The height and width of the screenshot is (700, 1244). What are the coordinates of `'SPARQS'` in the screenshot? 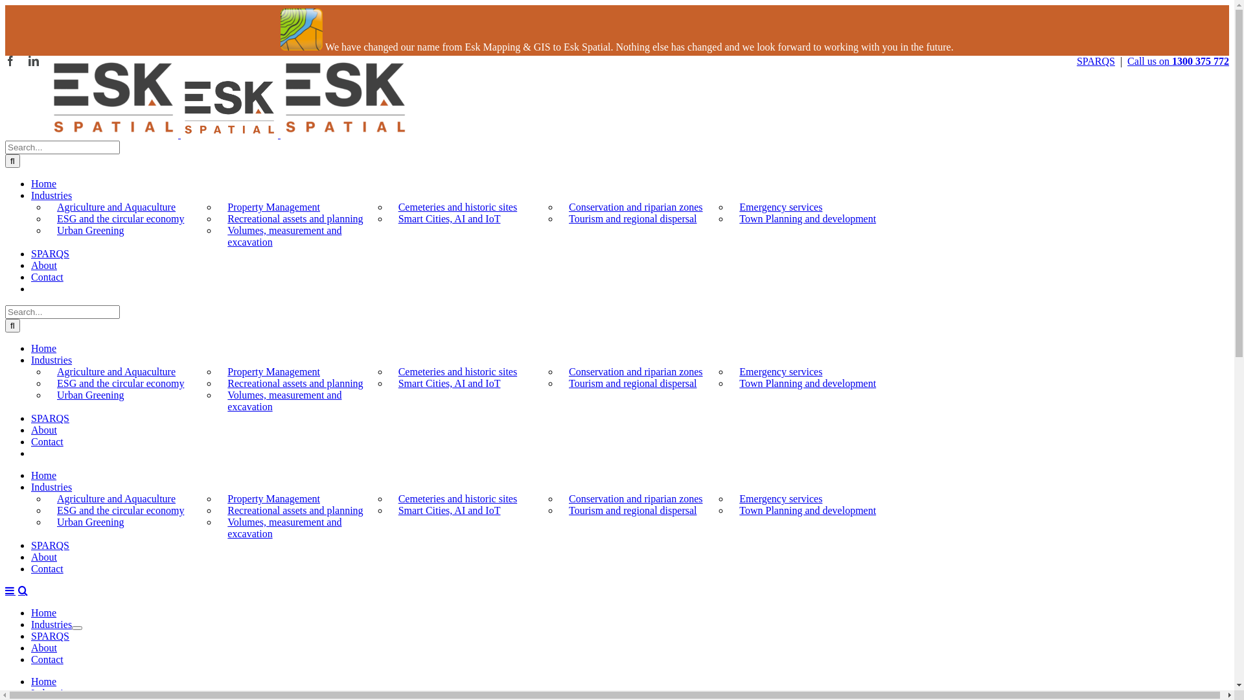 It's located at (50, 253).